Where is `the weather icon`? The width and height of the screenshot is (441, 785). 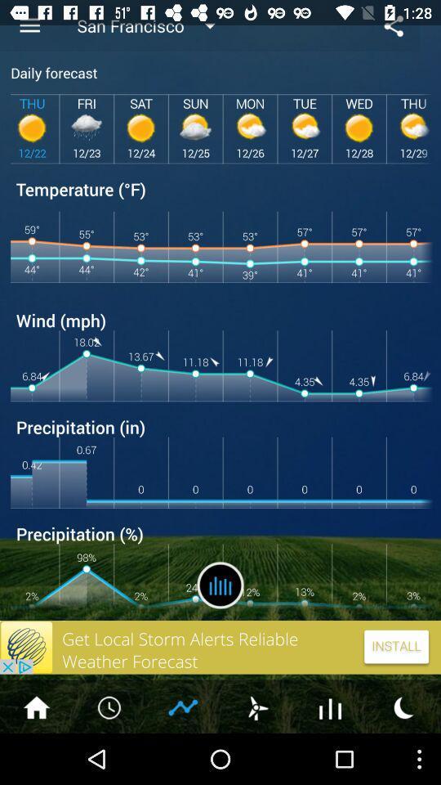 the weather icon is located at coordinates (256, 756).